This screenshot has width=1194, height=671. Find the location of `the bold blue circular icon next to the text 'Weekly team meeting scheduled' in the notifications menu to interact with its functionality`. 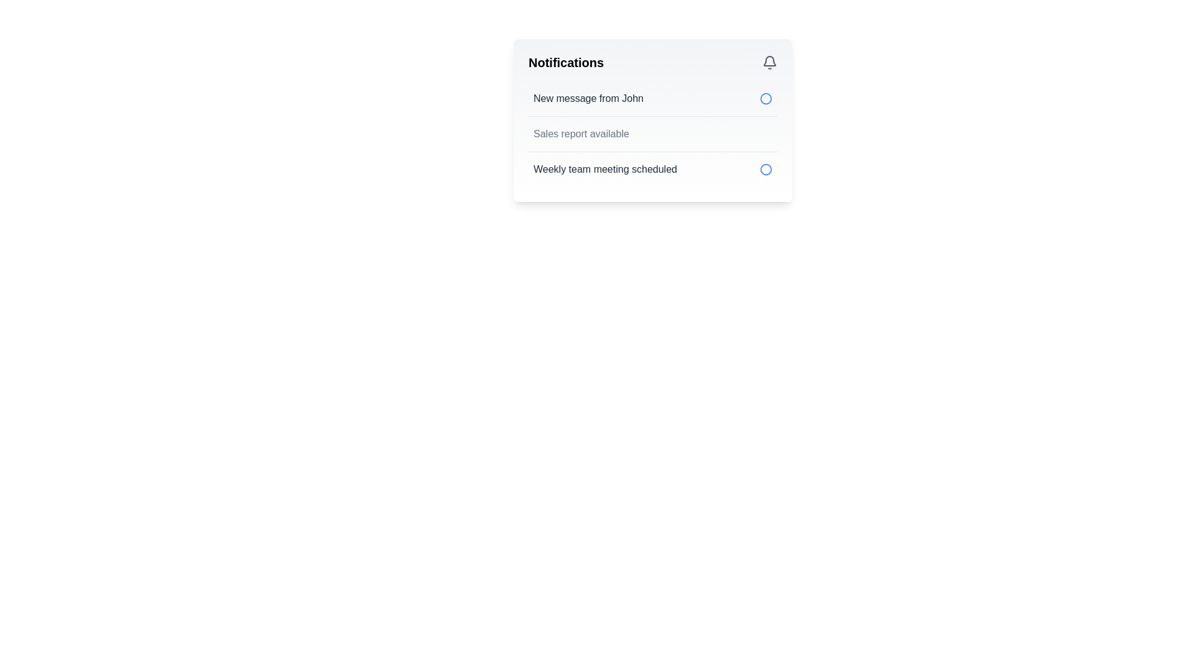

the bold blue circular icon next to the text 'Weekly team meeting scheduled' in the notifications menu to interact with its functionality is located at coordinates (766, 170).